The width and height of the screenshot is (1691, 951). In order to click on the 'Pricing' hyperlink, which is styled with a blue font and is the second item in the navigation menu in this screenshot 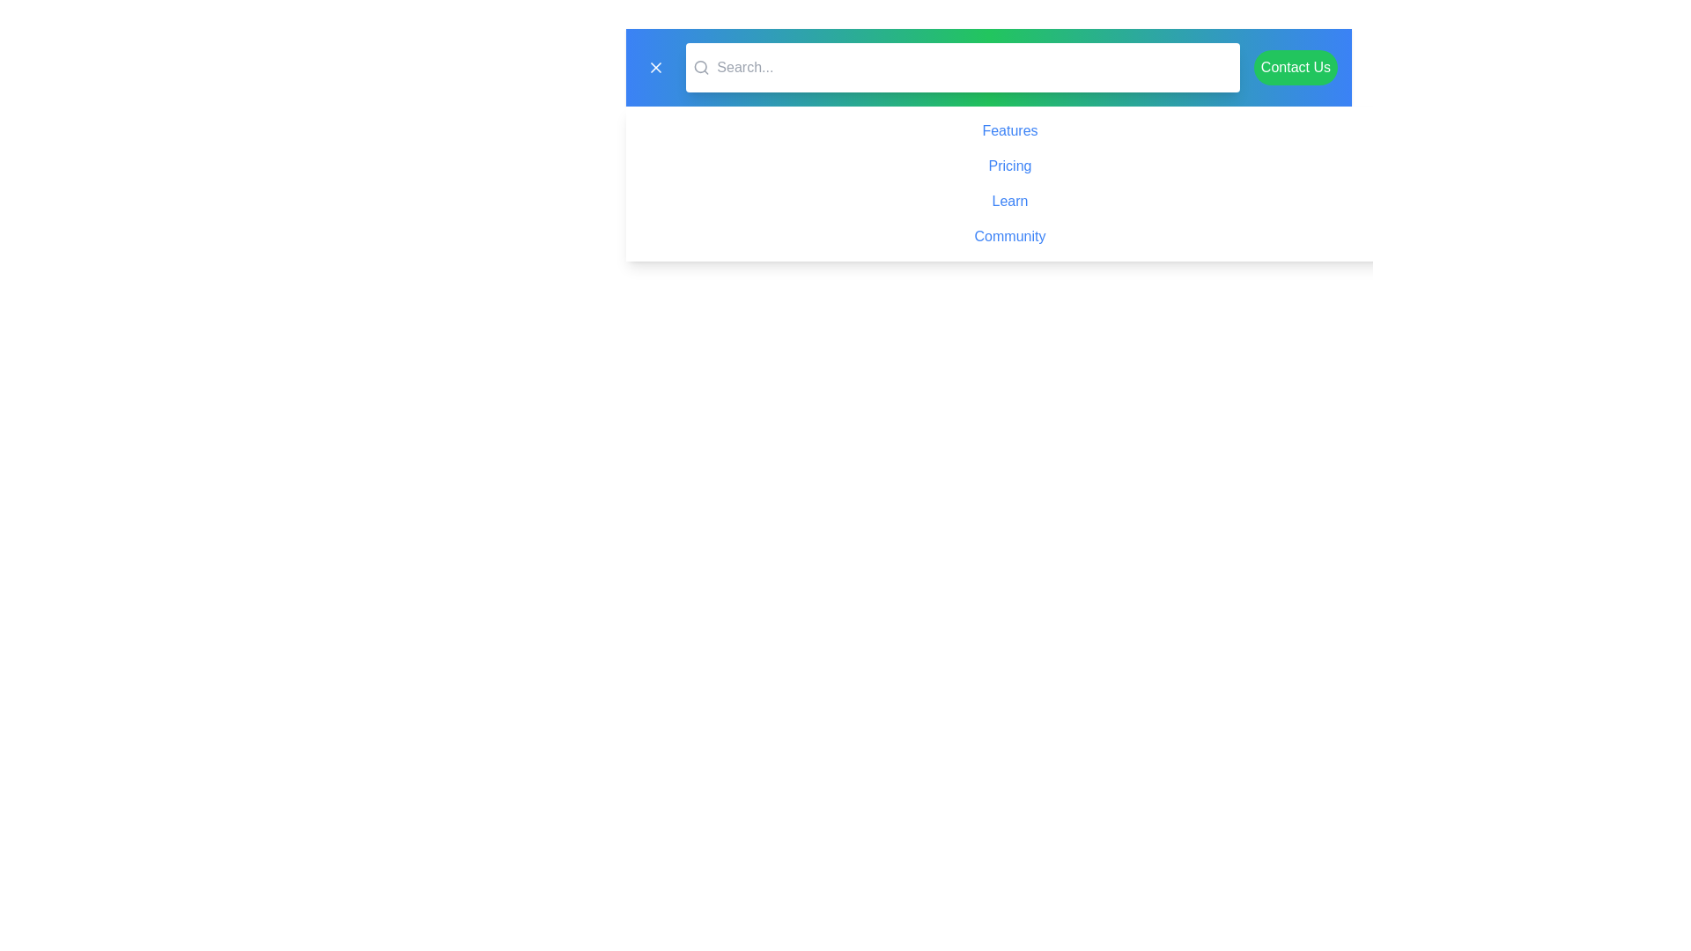, I will do `click(1010, 166)`.